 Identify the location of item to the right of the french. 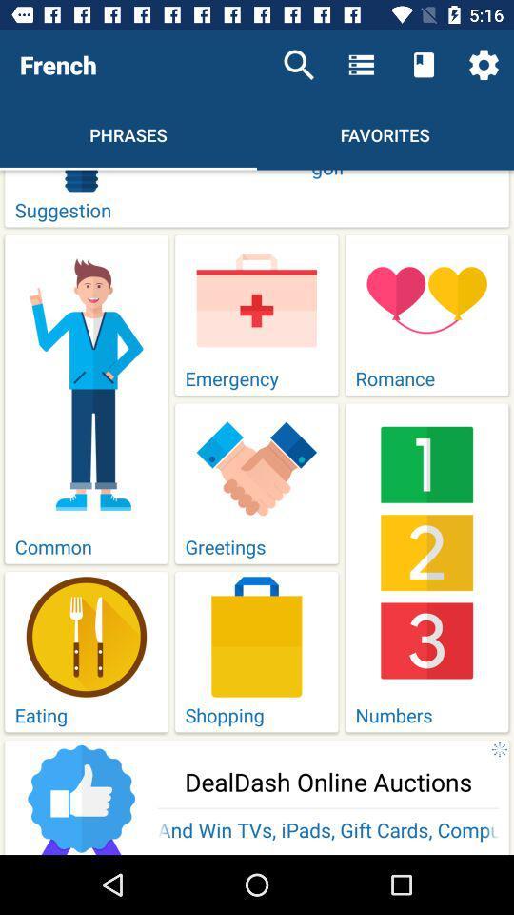
(299, 65).